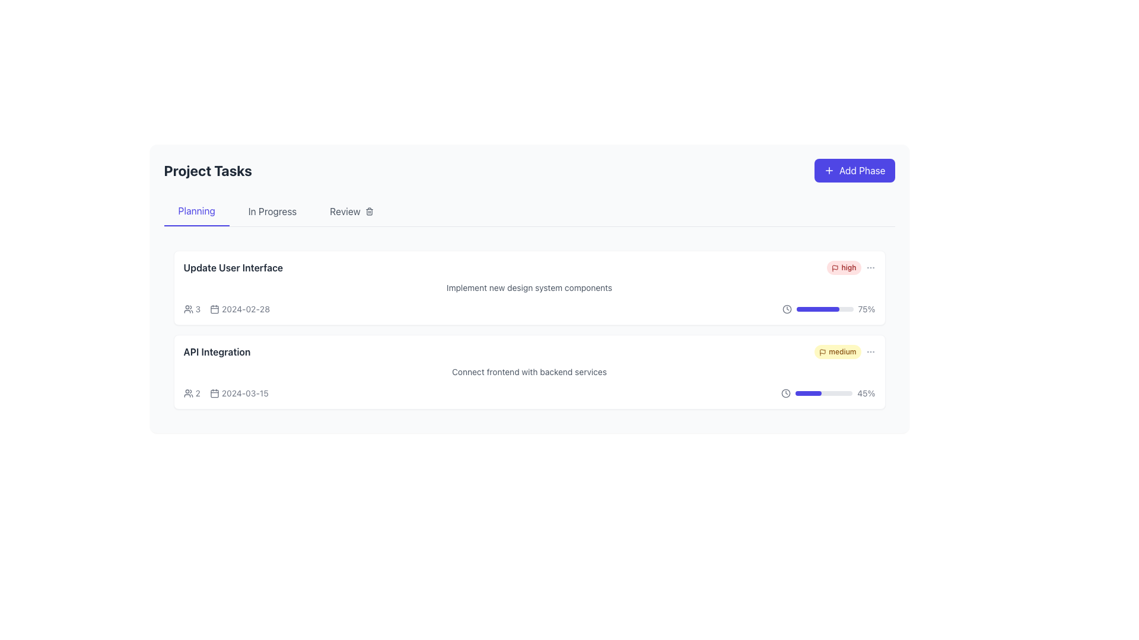  I want to click on the interactive text label 'API Integration' styled in bold gray font located in the first position of the second task row under the 'Project Tasks' section, so click(217, 351).